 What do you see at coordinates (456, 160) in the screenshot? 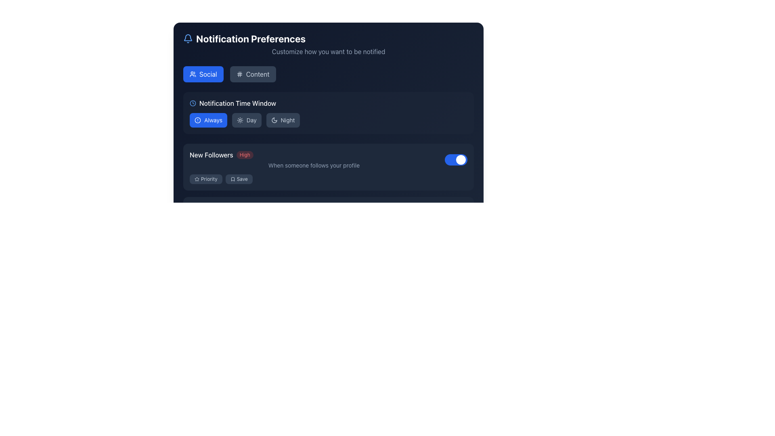
I see `the toggle switch located in the 'New Followers' section, positioned to the immediate right of the text 'When someone follows your profile'` at bounding box center [456, 160].